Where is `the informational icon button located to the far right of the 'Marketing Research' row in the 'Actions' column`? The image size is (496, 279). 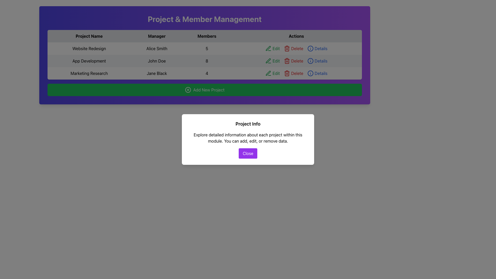
the informational icon button located to the far right of the 'Marketing Research' row in the 'Actions' column is located at coordinates (310, 73).